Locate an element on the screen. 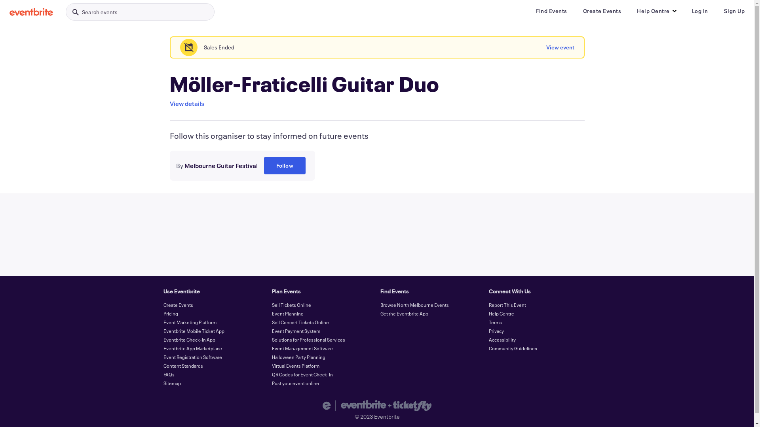 The image size is (760, 427). 'Eventbrite App Marketplace' is located at coordinates (192, 348).